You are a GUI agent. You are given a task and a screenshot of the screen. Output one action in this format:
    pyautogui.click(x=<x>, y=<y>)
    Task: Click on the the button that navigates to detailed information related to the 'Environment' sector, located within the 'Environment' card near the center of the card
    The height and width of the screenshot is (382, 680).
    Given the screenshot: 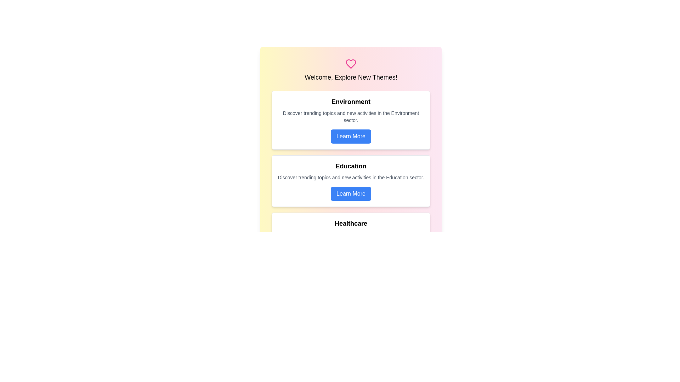 What is the action you would take?
    pyautogui.click(x=351, y=136)
    